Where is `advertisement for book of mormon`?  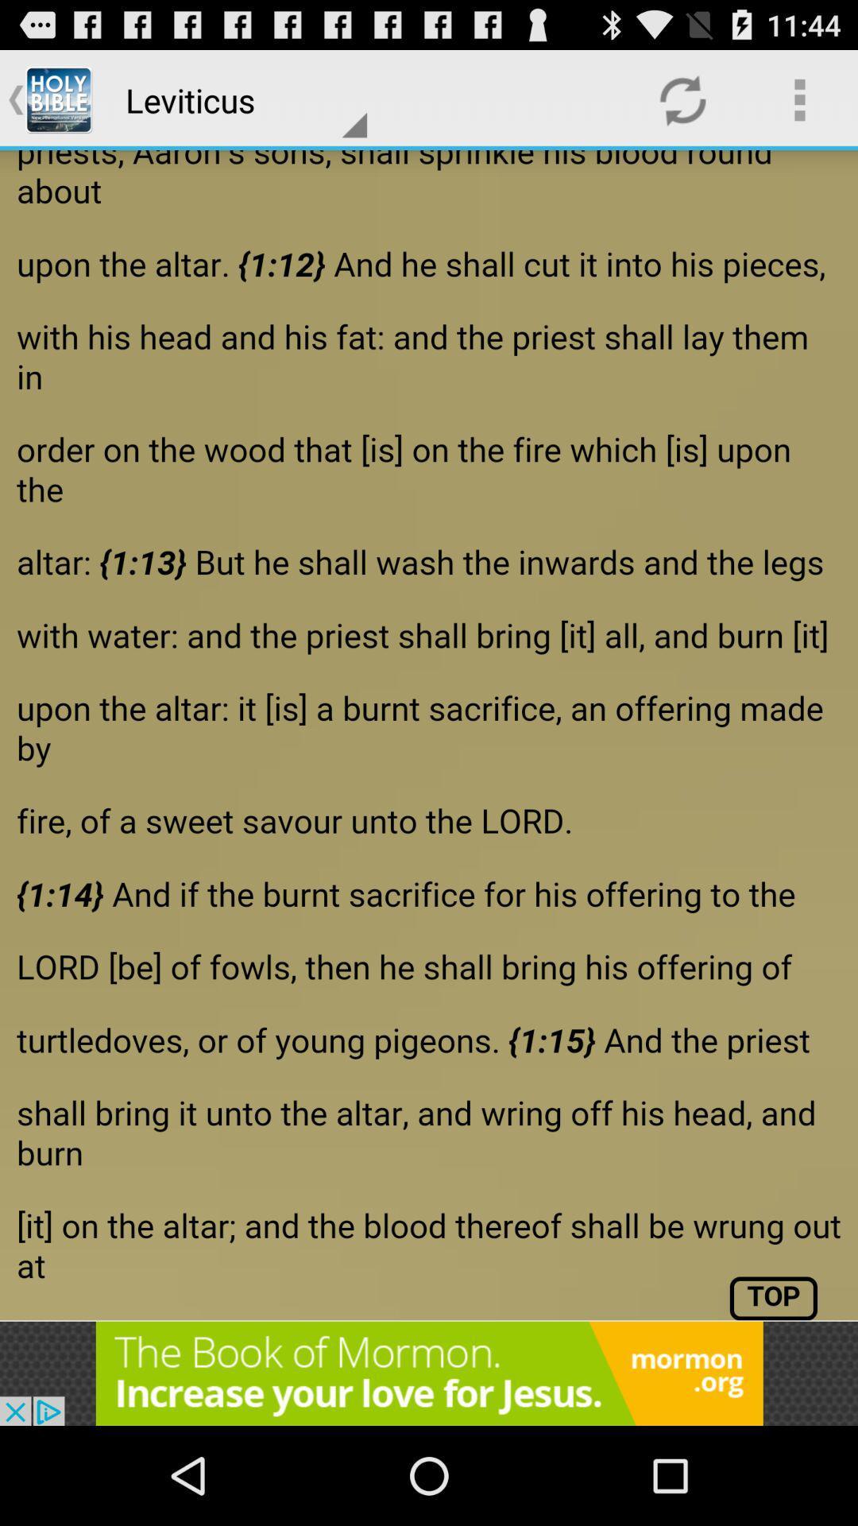 advertisement for book of mormon is located at coordinates (429, 1373).